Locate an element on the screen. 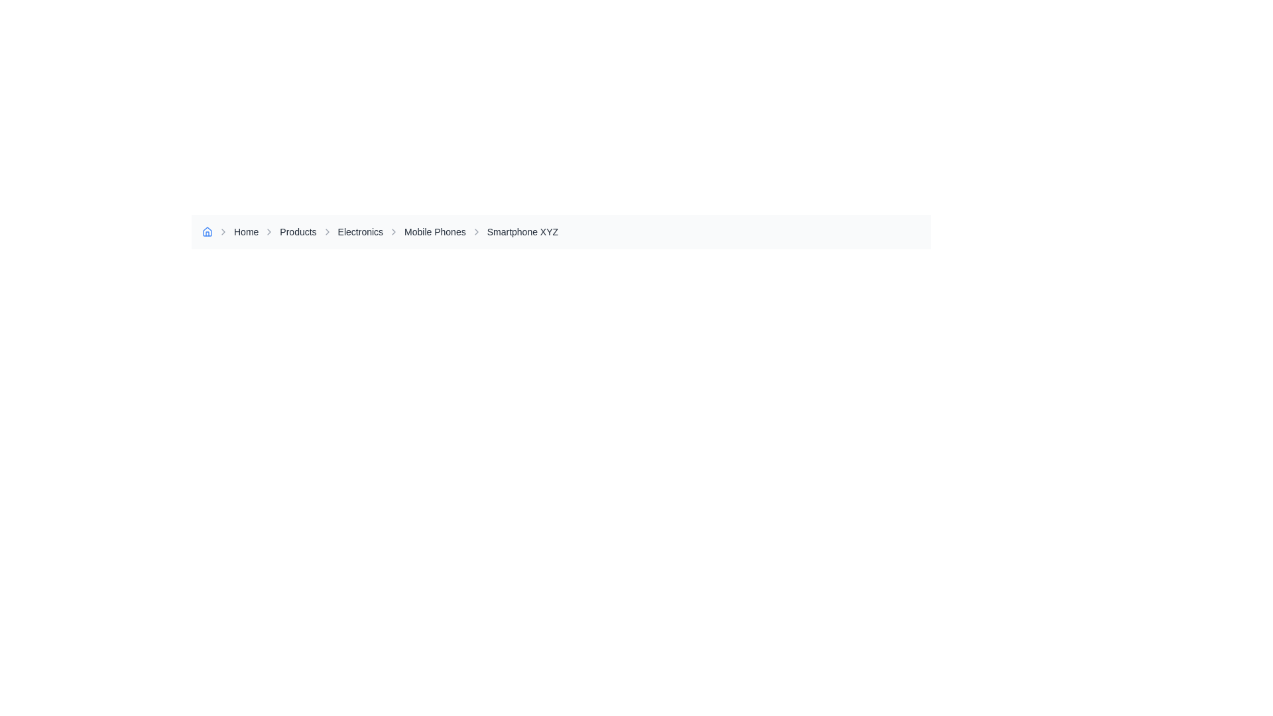 The height and width of the screenshot is (716, 1273). the 'Home' hyperlink in the breadcrumb navigation, which is the second clickable item from the left, located between a house icon and a chevron icon is located at coordinates (238, 231).